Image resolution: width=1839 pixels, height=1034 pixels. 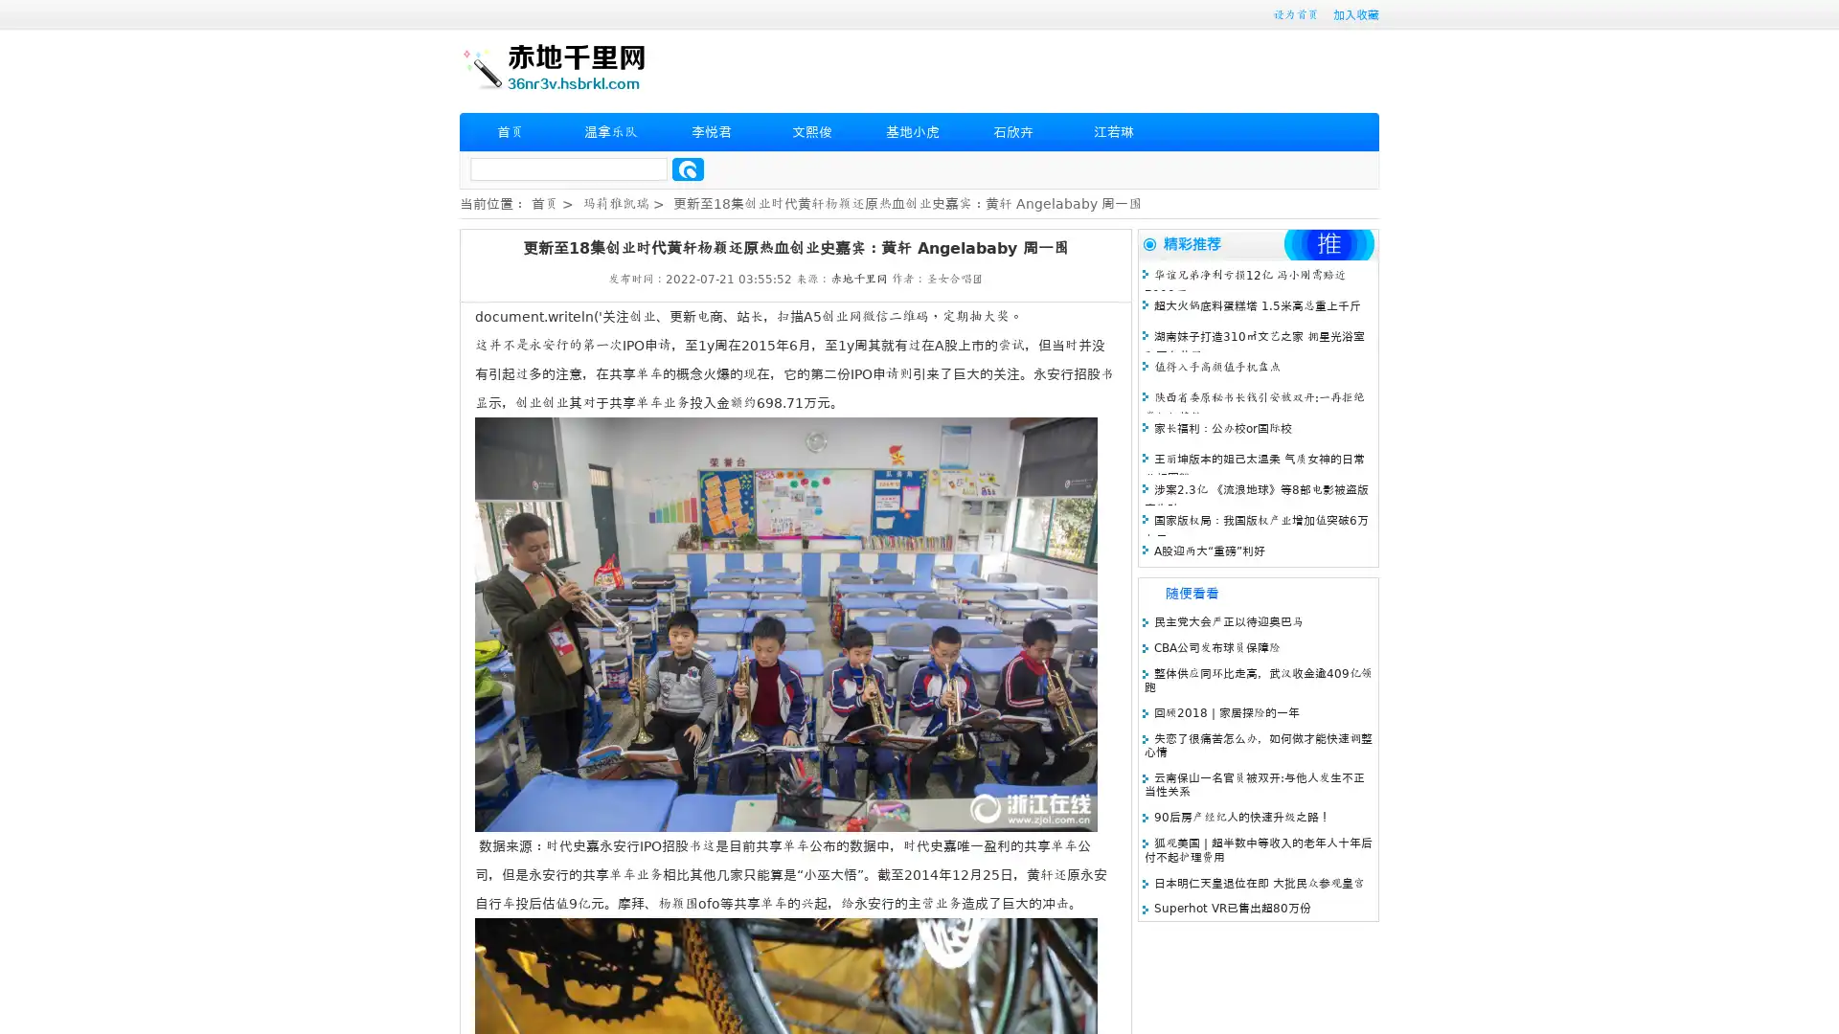 I want to click on Search, so click(x=688, y=169).